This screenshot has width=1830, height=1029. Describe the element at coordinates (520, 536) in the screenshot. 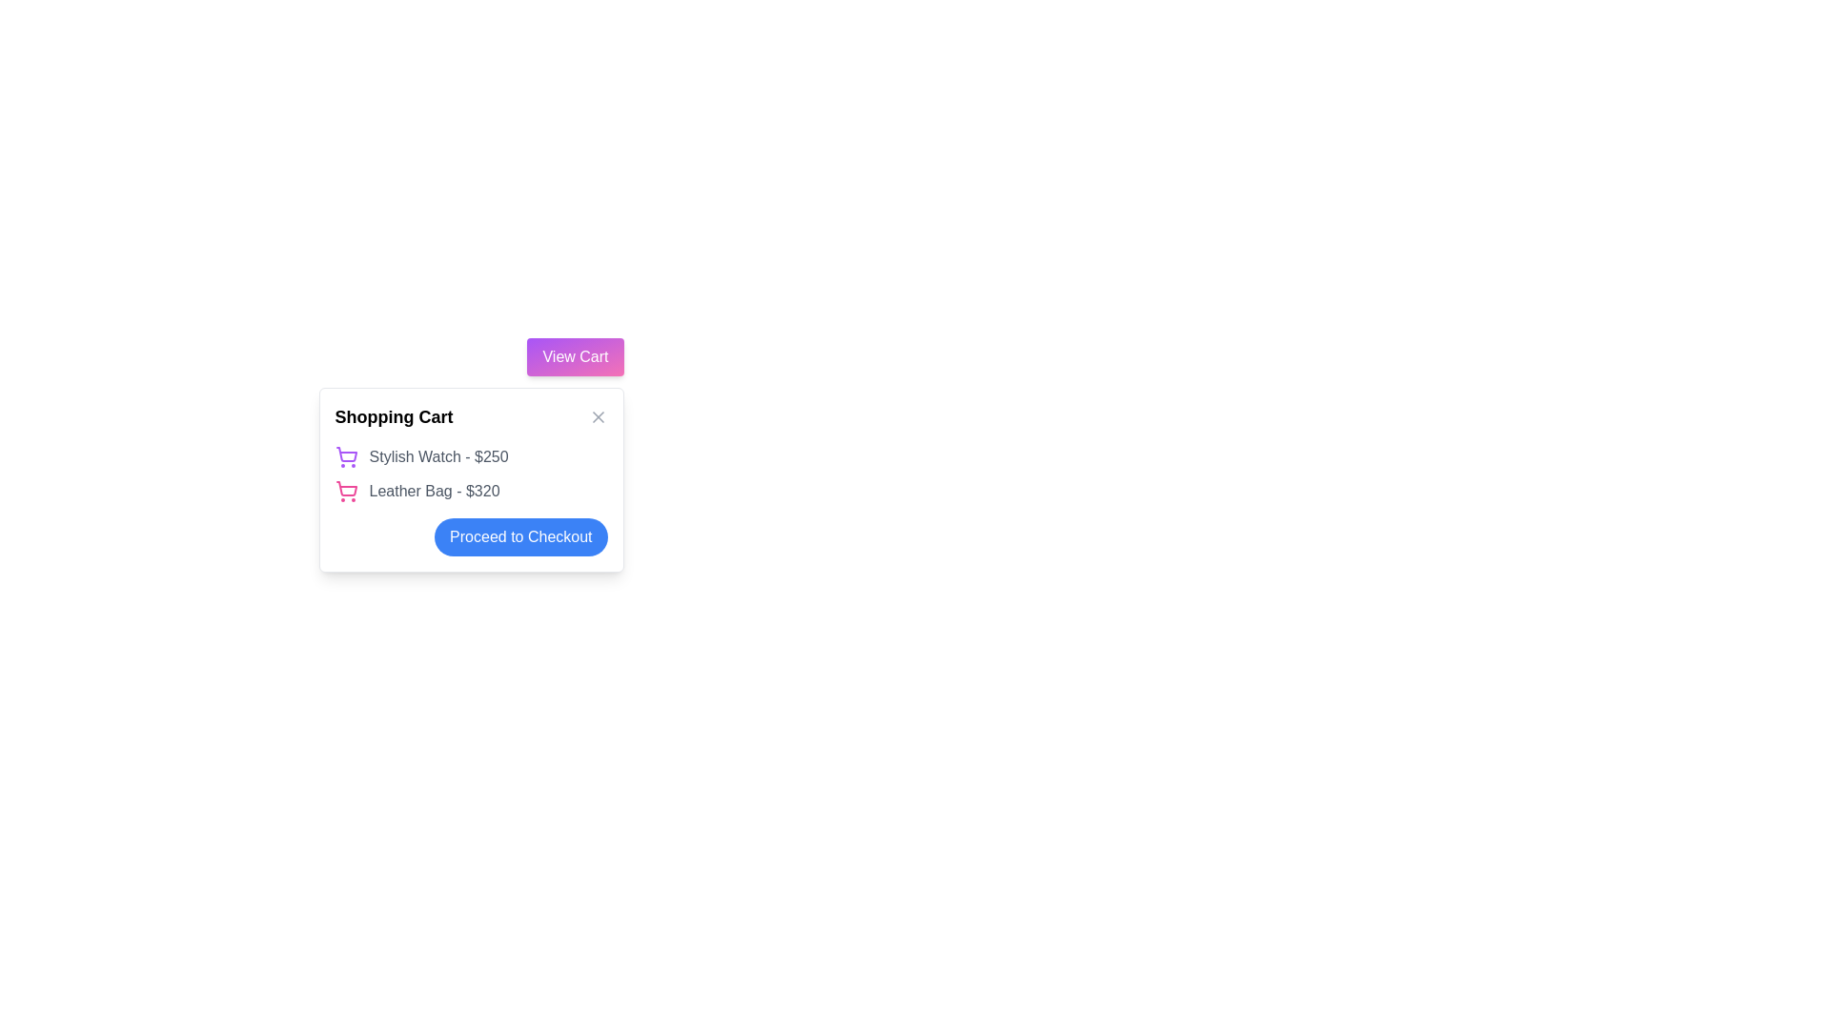

I see `the blue rounded button labeled 'Proceed to Checkout' located in the bottom-right corner of the shopping cart summary box to proceed to the checkout process` at that location.